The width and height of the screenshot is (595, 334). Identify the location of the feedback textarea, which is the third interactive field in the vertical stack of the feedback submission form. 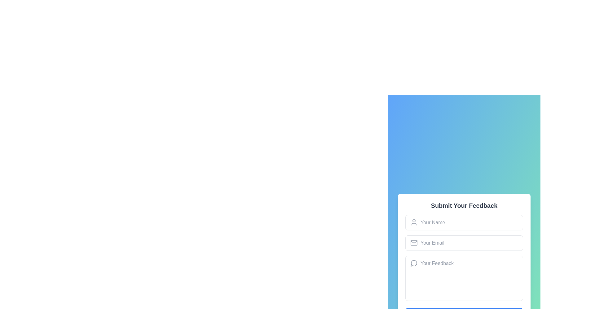
(464, 279).